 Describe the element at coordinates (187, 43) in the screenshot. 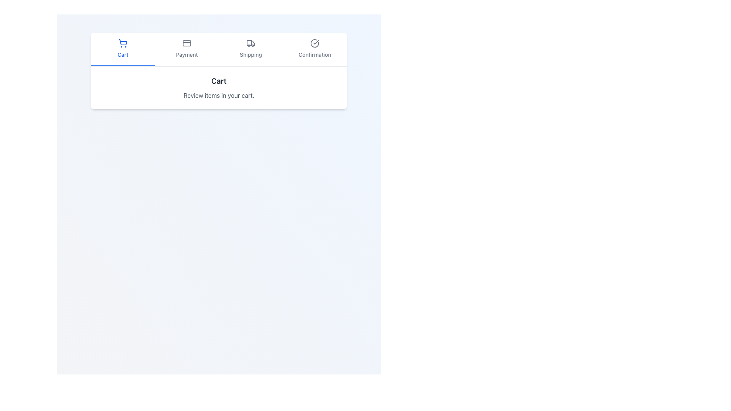

I see `the credit card icon located in the upper rectangular region of the navigation bar, which is the second item from the left` at that location.